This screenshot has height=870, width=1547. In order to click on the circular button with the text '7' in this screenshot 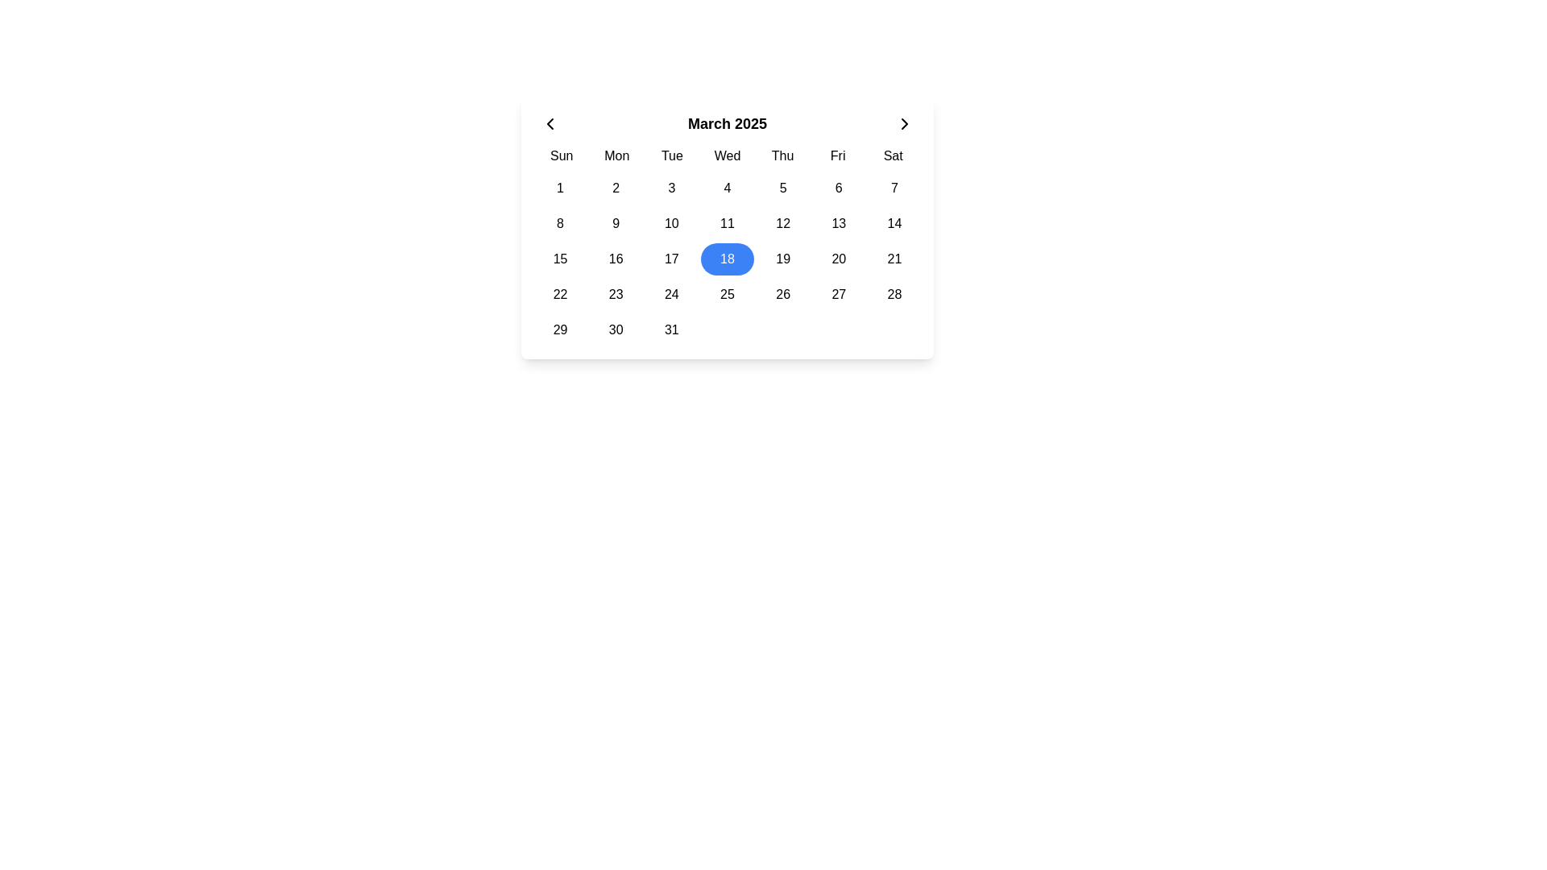, I will do `click(893, 188)`.